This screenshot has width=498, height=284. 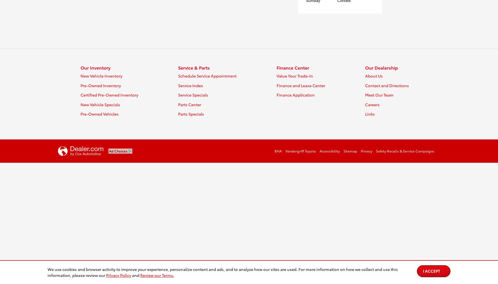 What do you see at coordinates (100, 104) in the screenshot?
I see `'New Vehicle Specials'` at bounding box center [100, 104].